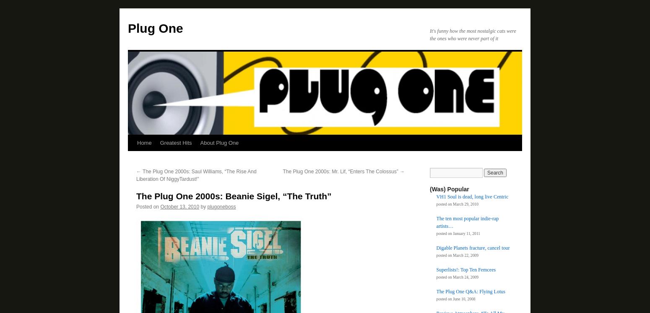  What do you see at coordinates (203, 206) in the screenshot?
I see `'by'` at bounding box center [203, 206].